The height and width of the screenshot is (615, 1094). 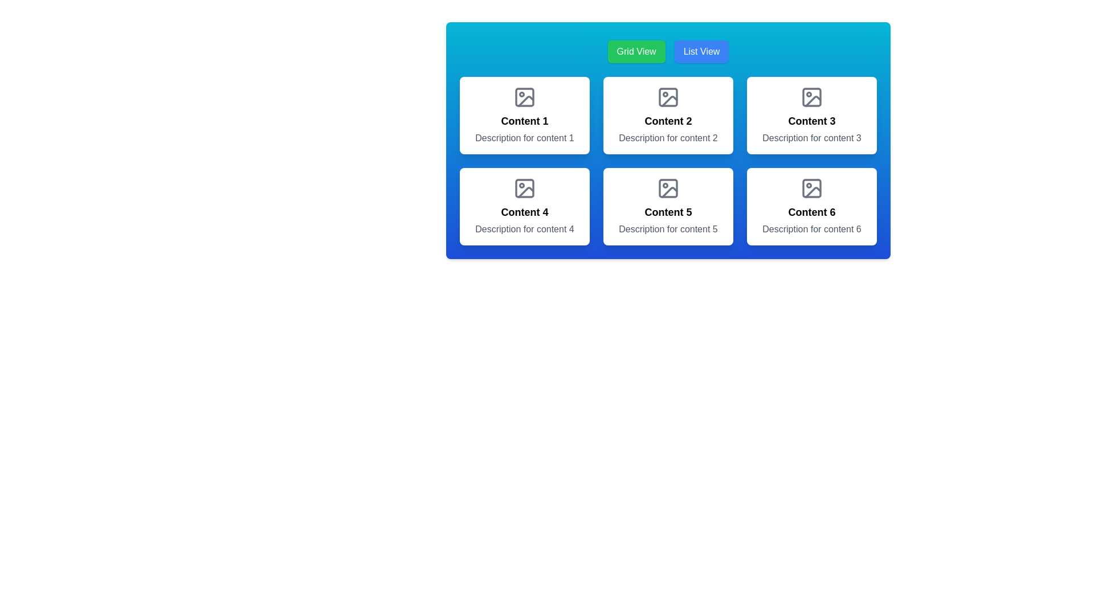 What do you see at coordinates (668, 116) in the screenshot?
I see `the icon at the top of the white card labeled 'Content 2', which is the second element in the first row of a grid layout` at bounding box center [668, 116].